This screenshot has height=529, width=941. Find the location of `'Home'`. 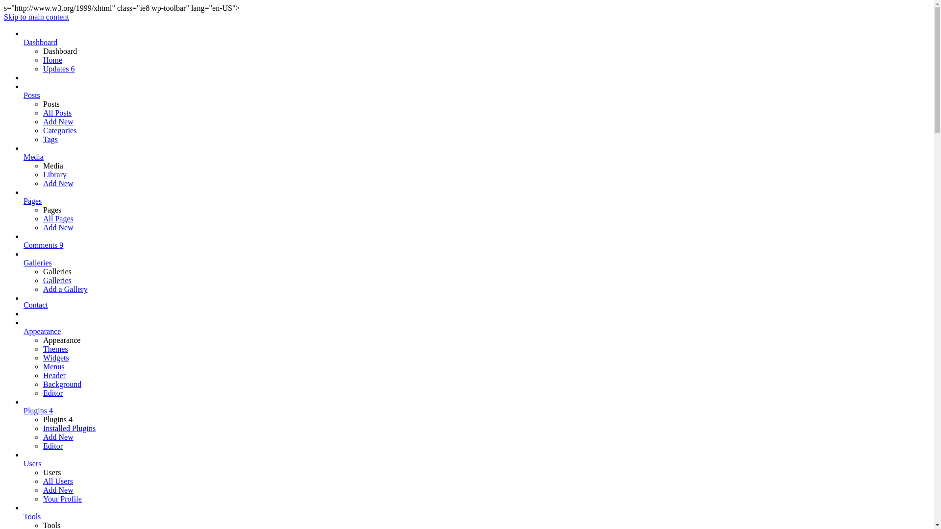

'Home' is located at coordinates (52, 60).